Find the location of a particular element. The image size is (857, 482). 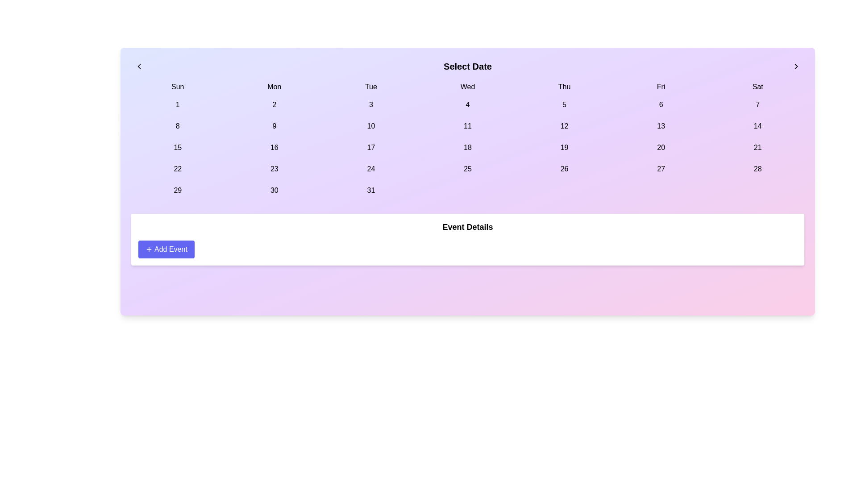

the date button labeled '29', which is a rectangular button with rounded edges located in the calendar grid is located at coordinates (178, 190).